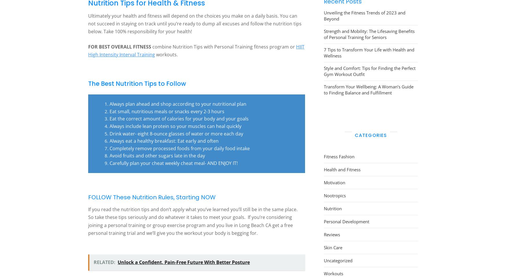 This screenshot has height=277, width=506. Describe the element at coordinates (342, 169) in the screenshot. I see `'Health and Fitness'` at that location.